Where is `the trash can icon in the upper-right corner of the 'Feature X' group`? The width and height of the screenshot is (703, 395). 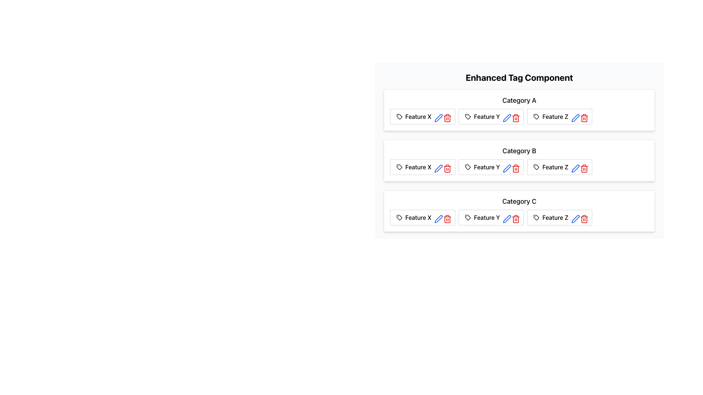 the trash can icon in the upper-right corner of the 'Feature X' group is located at coordinates (446, 116).